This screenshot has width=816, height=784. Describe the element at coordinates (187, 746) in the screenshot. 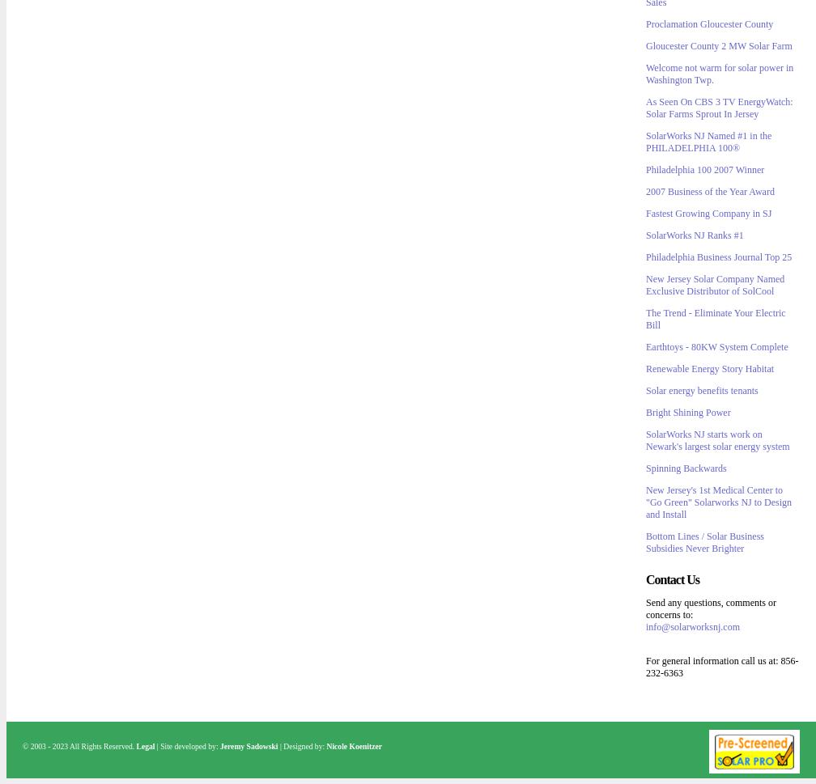

I see `'| Site developed by:'` at that location.